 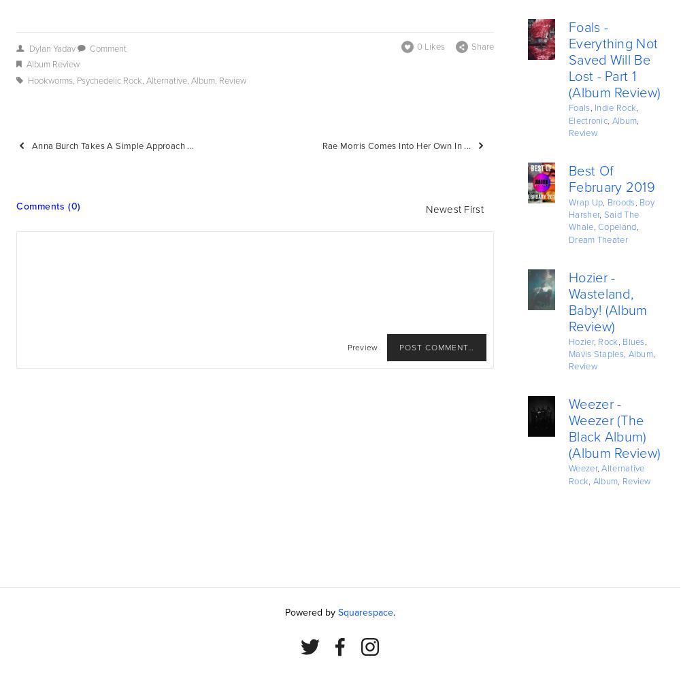 I want to click on 'Powered by', so click(x=284, y=611).